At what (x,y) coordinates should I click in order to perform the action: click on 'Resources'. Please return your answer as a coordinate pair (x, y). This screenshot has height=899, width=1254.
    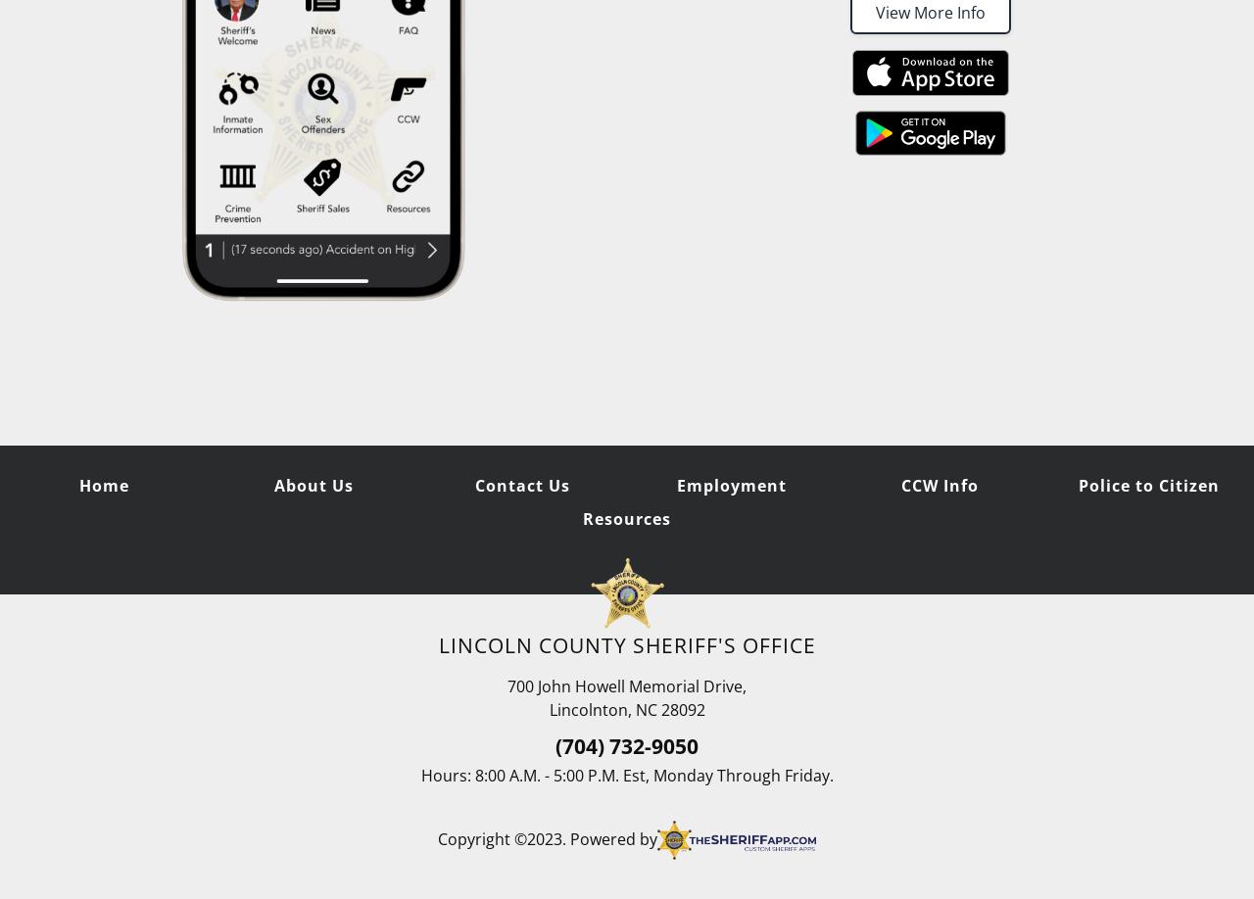
    Looking at the image, I should click on (624, 518).